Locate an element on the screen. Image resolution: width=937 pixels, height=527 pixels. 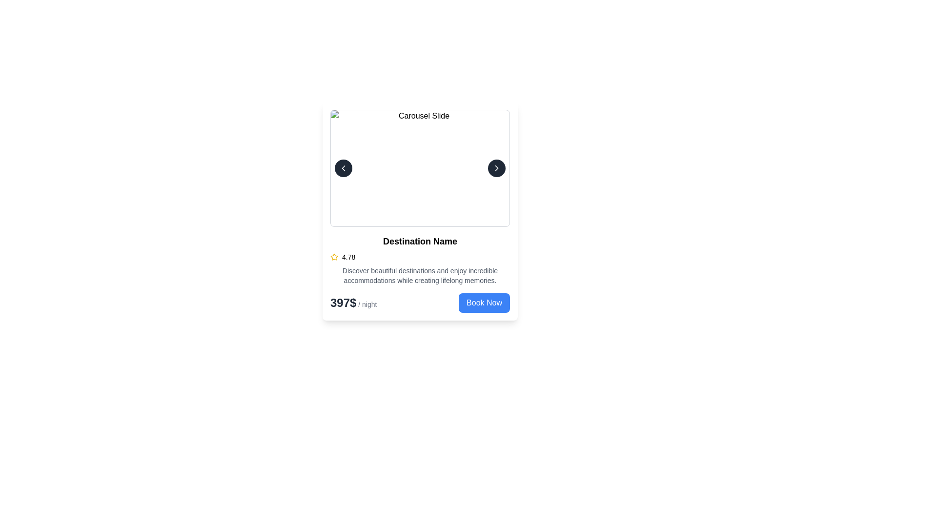
the left navigation button of the carousel is located at coordinates (344, 167).